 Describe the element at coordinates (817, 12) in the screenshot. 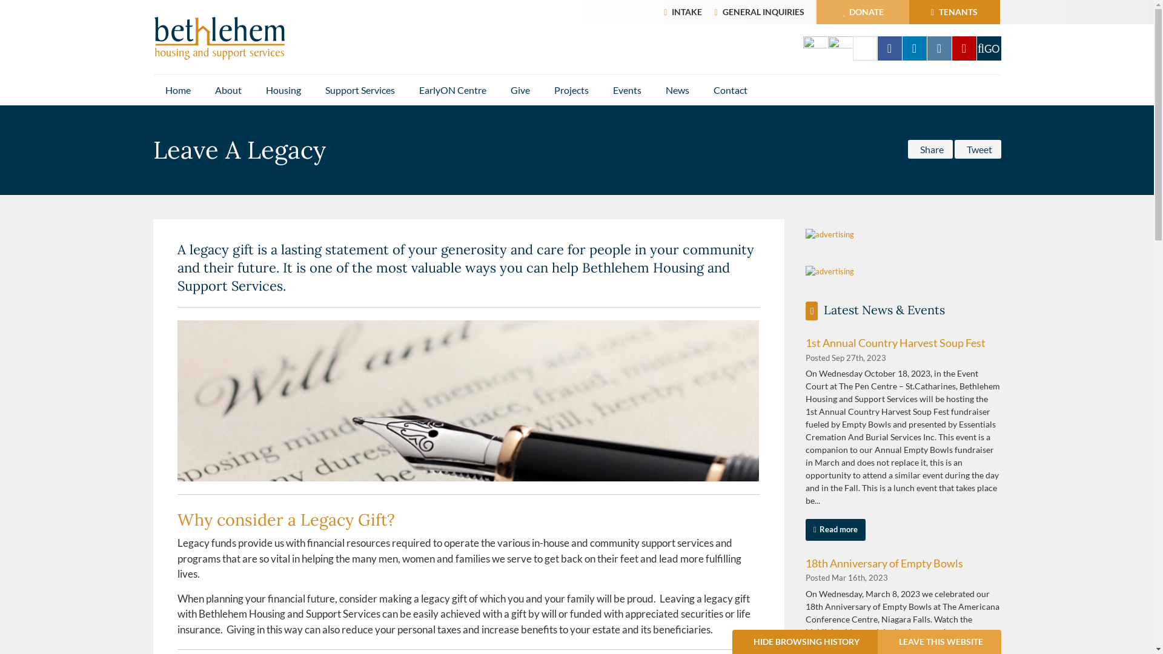

I see `'DONATE'` at that location.